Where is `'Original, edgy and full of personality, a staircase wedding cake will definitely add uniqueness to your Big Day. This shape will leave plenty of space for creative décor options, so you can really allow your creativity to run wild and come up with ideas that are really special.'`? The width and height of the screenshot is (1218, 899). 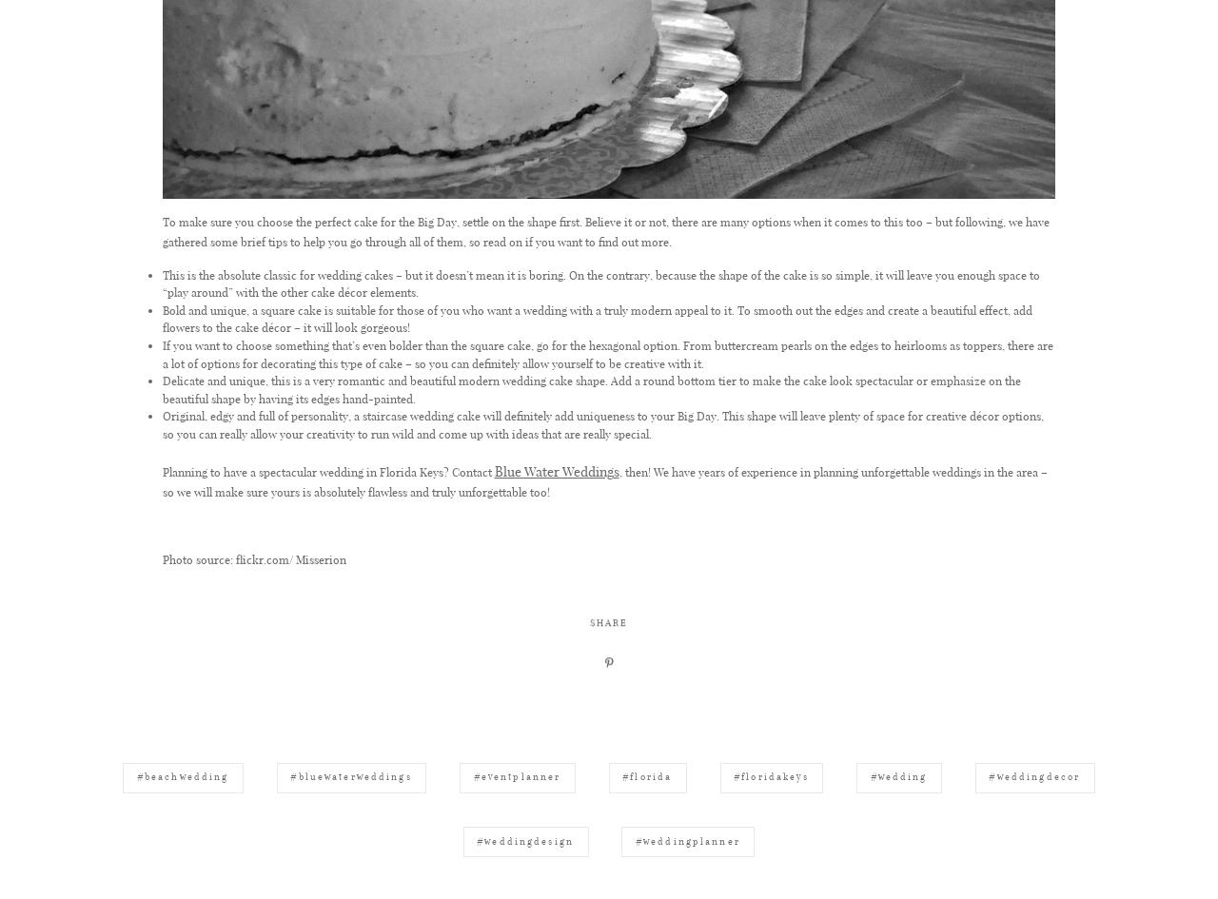 'Original, edgy and full of personality, a staircase wedding cake will definitely add uniqueness to your Big Day. This shape will leave plenty of space for creative décor options, so you can really allow your creativity to run wild and come up with ideas that are really special.' is located at coordinates (600, 424).